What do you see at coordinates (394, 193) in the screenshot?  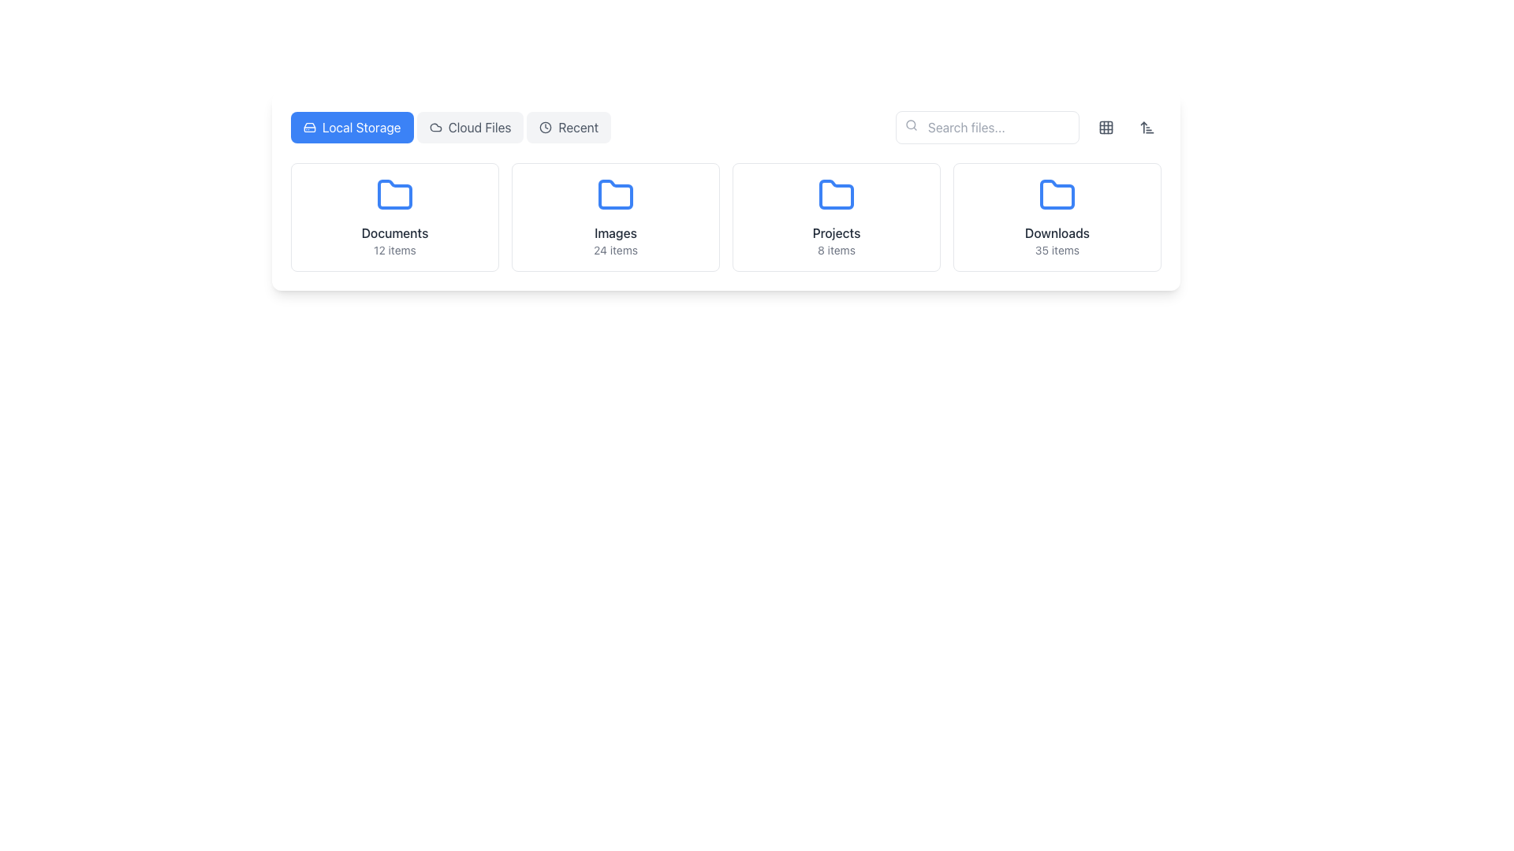 I see `the folder icon representing the 'Documents' directory` at bounding box center [394, 193].